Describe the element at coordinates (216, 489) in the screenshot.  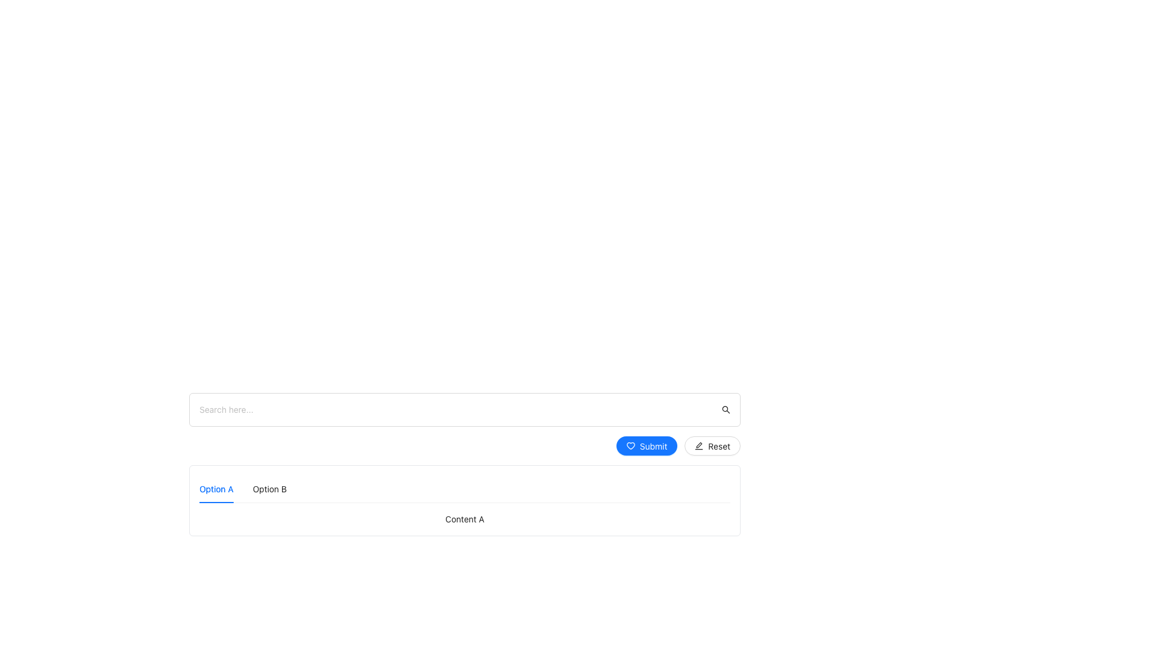
I see `the first tab option labeled 'Option A'` at that location.